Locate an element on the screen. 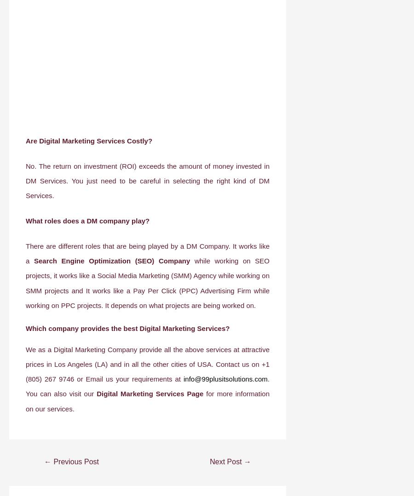 Image resolution: width=414 pixels, height=496 pixels. 'We as a Digital Marketing Company provide all the above services at attractive prices in Los Angeles (LA) and in all the other cities of USA. Contact us on +1 (805) 267 9746 or Email us your requirements at' is located at coordinates (147, 363).